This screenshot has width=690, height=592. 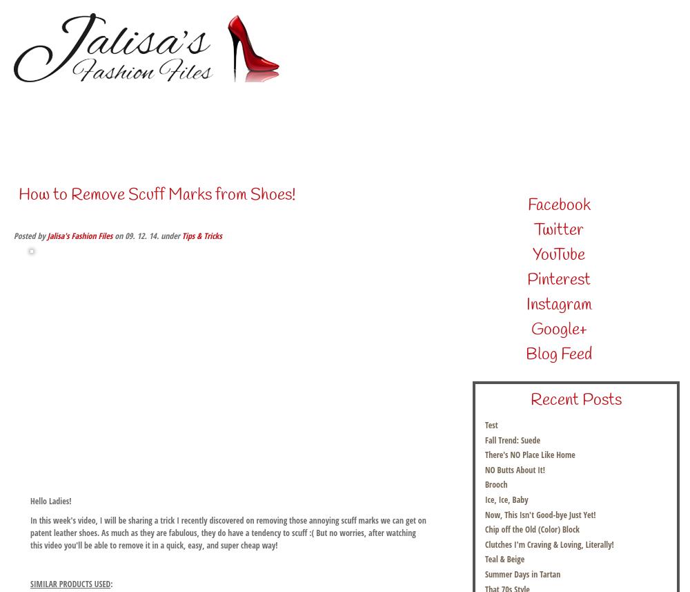 What do you see at coordinates (80, 236) in the screenshot?
I see `'Jalisa's Fashion Files'` at bounding box center [80, 236].